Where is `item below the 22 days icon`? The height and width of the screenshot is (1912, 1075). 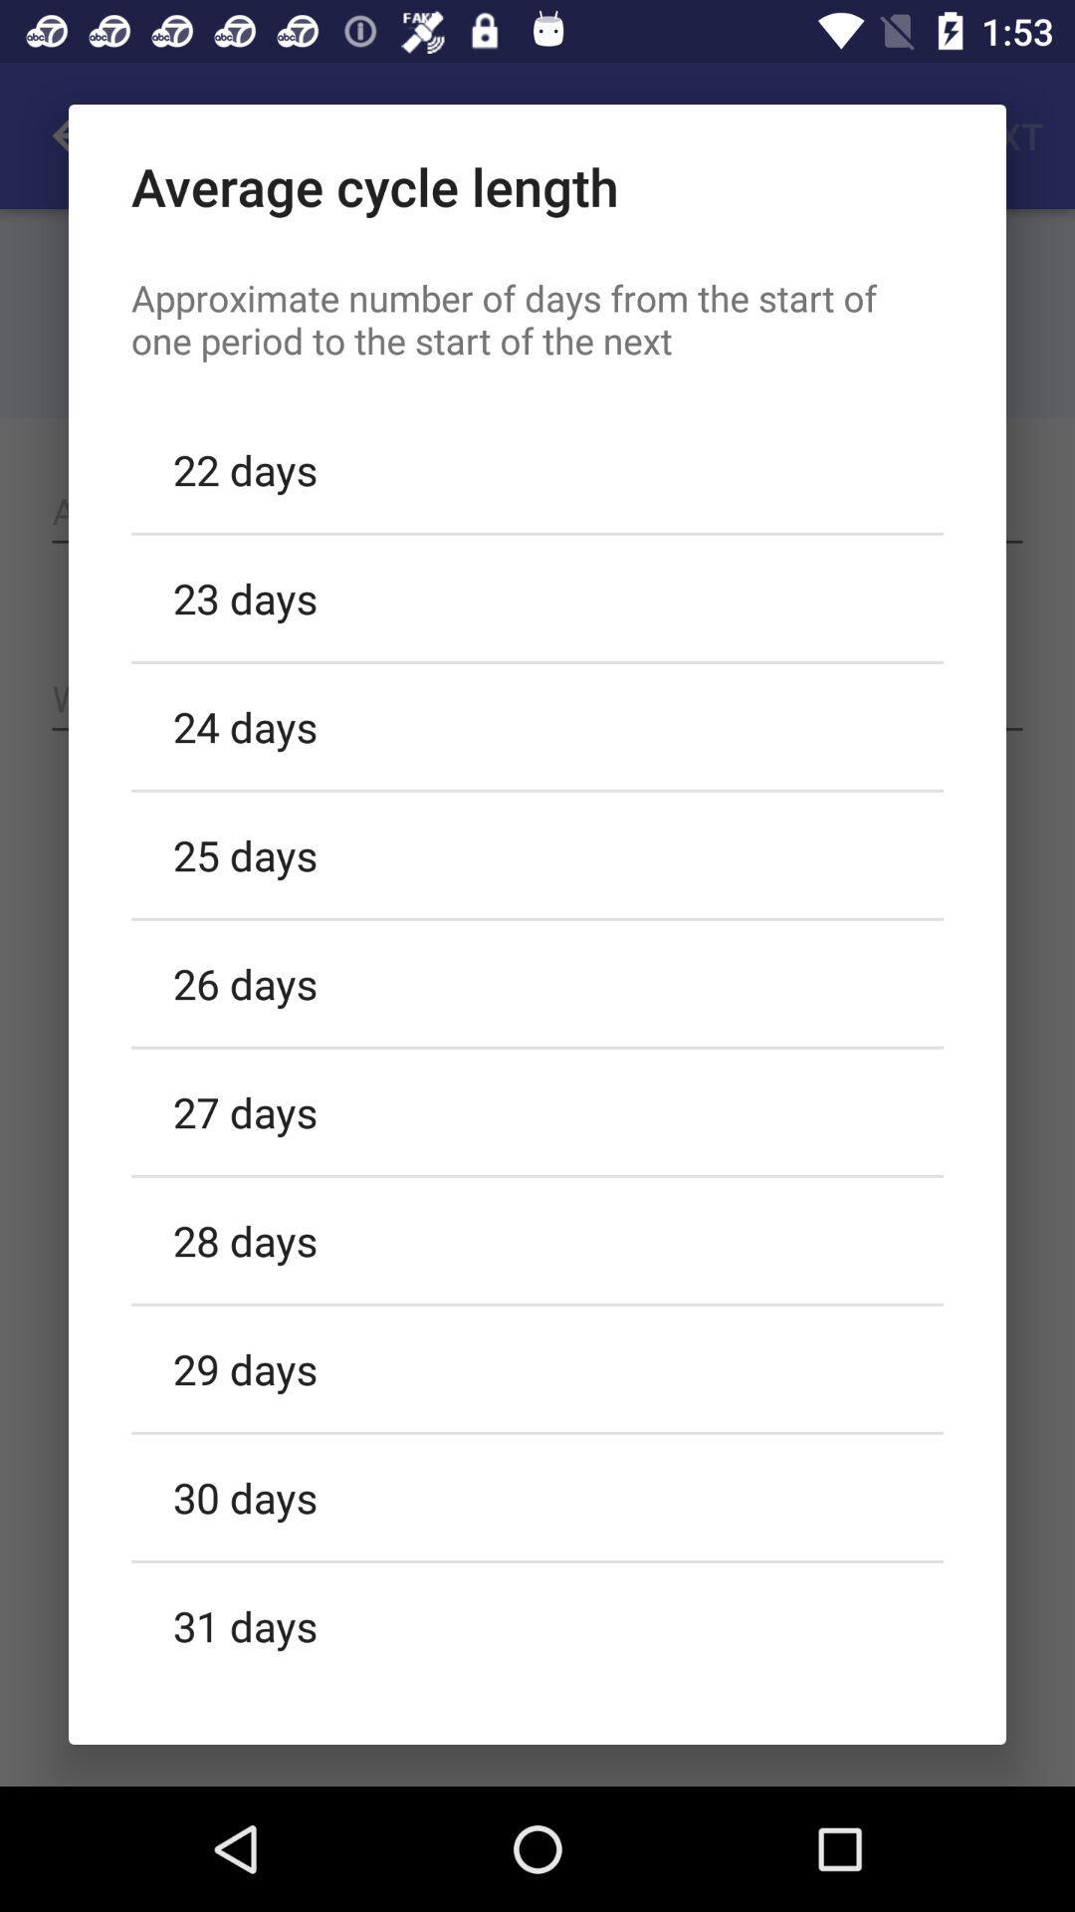 item below the 22 days icon is located at coordinates (537, 597).